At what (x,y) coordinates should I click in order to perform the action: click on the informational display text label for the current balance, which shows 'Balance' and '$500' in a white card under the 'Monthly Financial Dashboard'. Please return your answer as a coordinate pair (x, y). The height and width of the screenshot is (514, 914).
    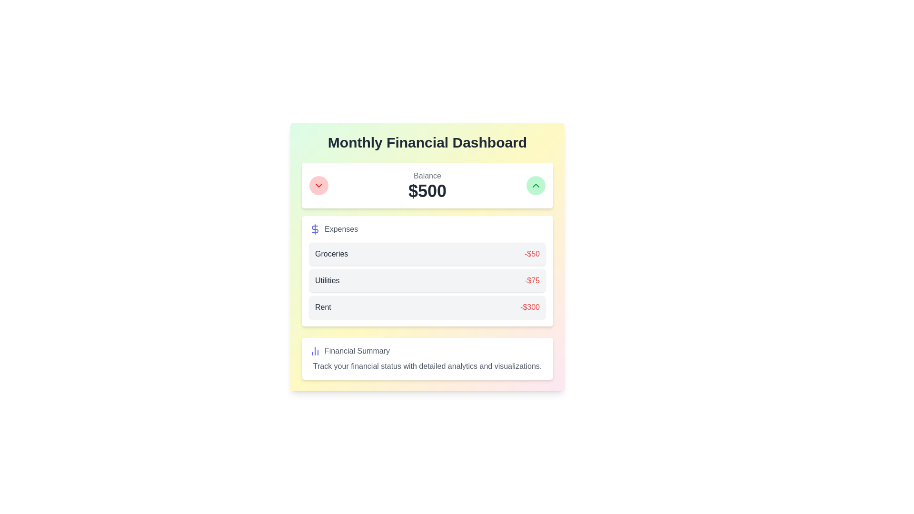
    Looking at the image, I should click on (427, 185).